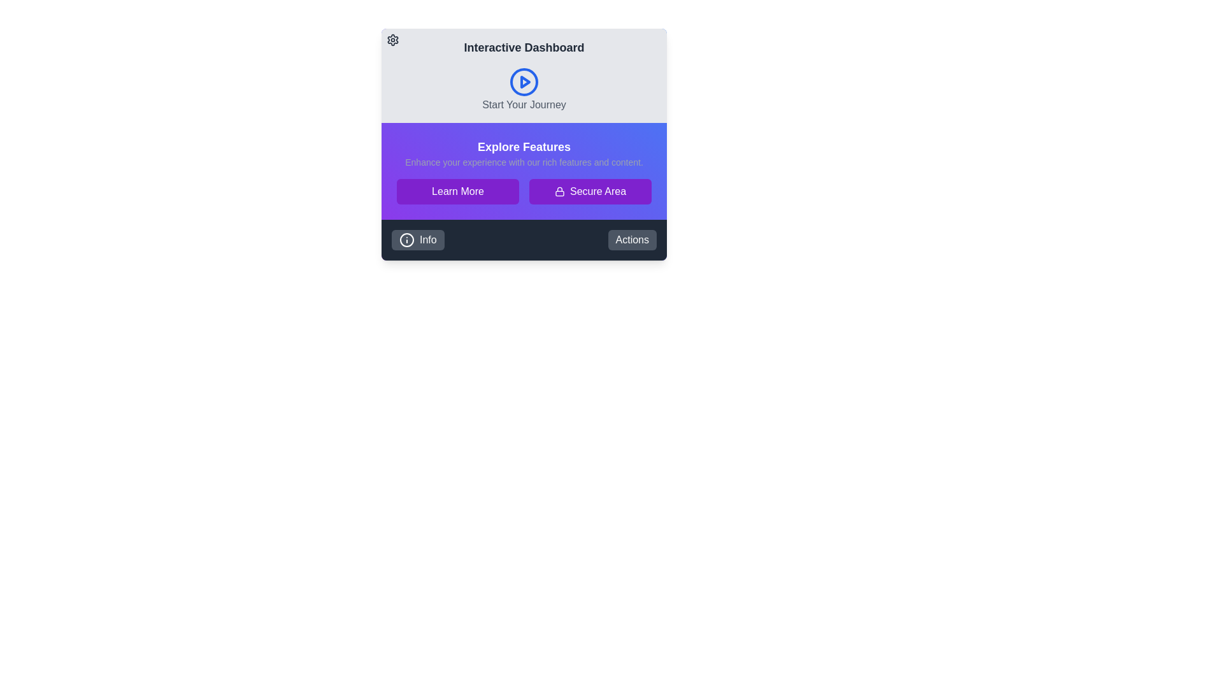 The image size is (1223, 688). Describe the element at coordinates (526, 82) in the screenshot. I see `the small blue triangular icon, resembling a play button, located inside a circular area at the top center of the interface, below the 'Interactive Dashboard' label` at that location.